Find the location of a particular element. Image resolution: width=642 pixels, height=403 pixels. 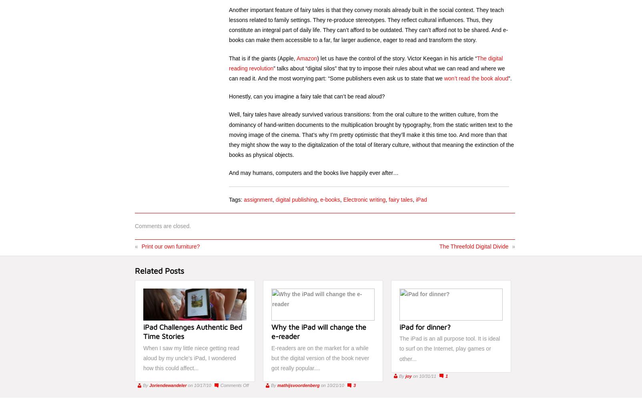

'fairy tales' is located at coordinates (401, 199).